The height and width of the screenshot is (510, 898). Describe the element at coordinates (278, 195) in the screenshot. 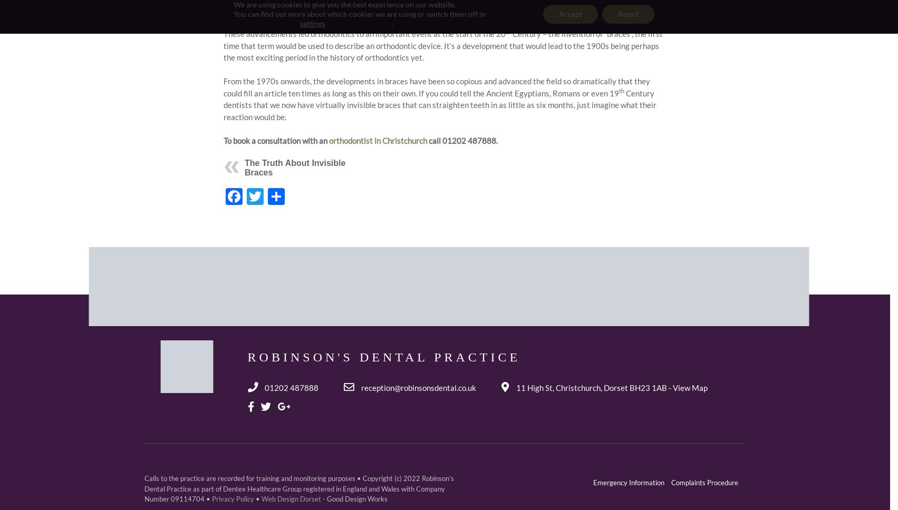

I see `'Facebook'` at that location.